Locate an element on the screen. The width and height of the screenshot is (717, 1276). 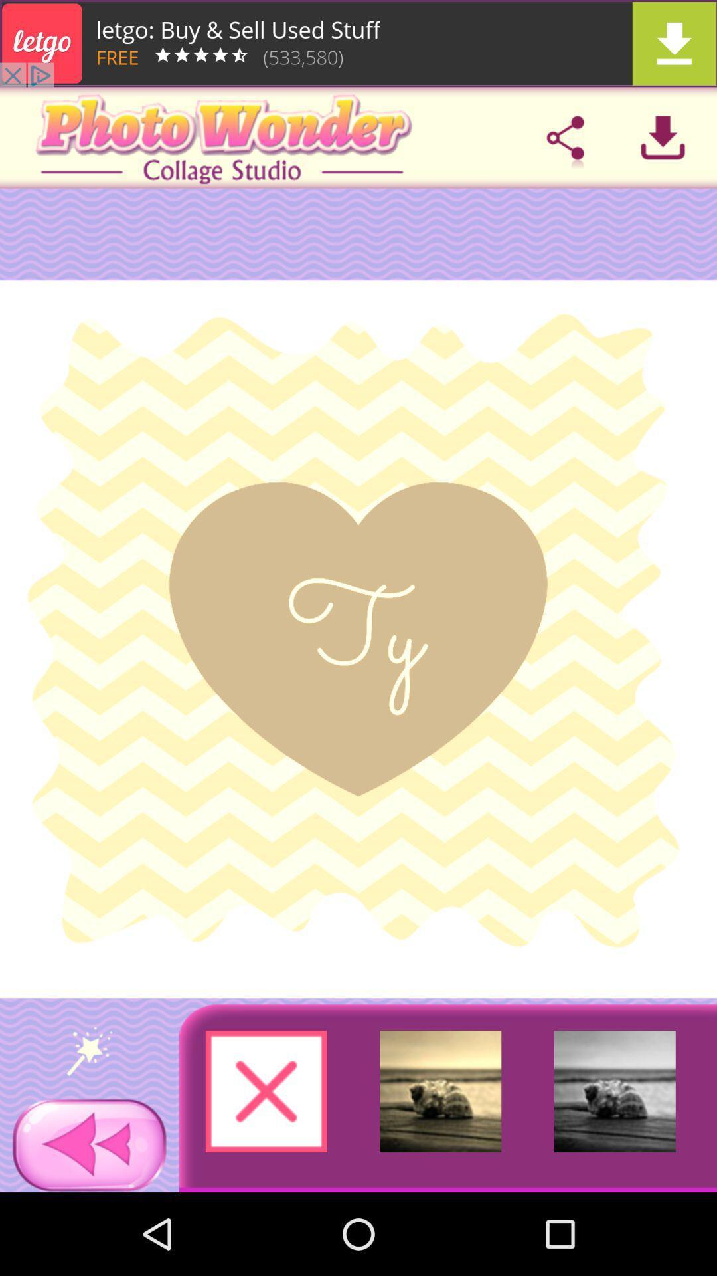
to apply effects is located at coordinates (90, 1050).